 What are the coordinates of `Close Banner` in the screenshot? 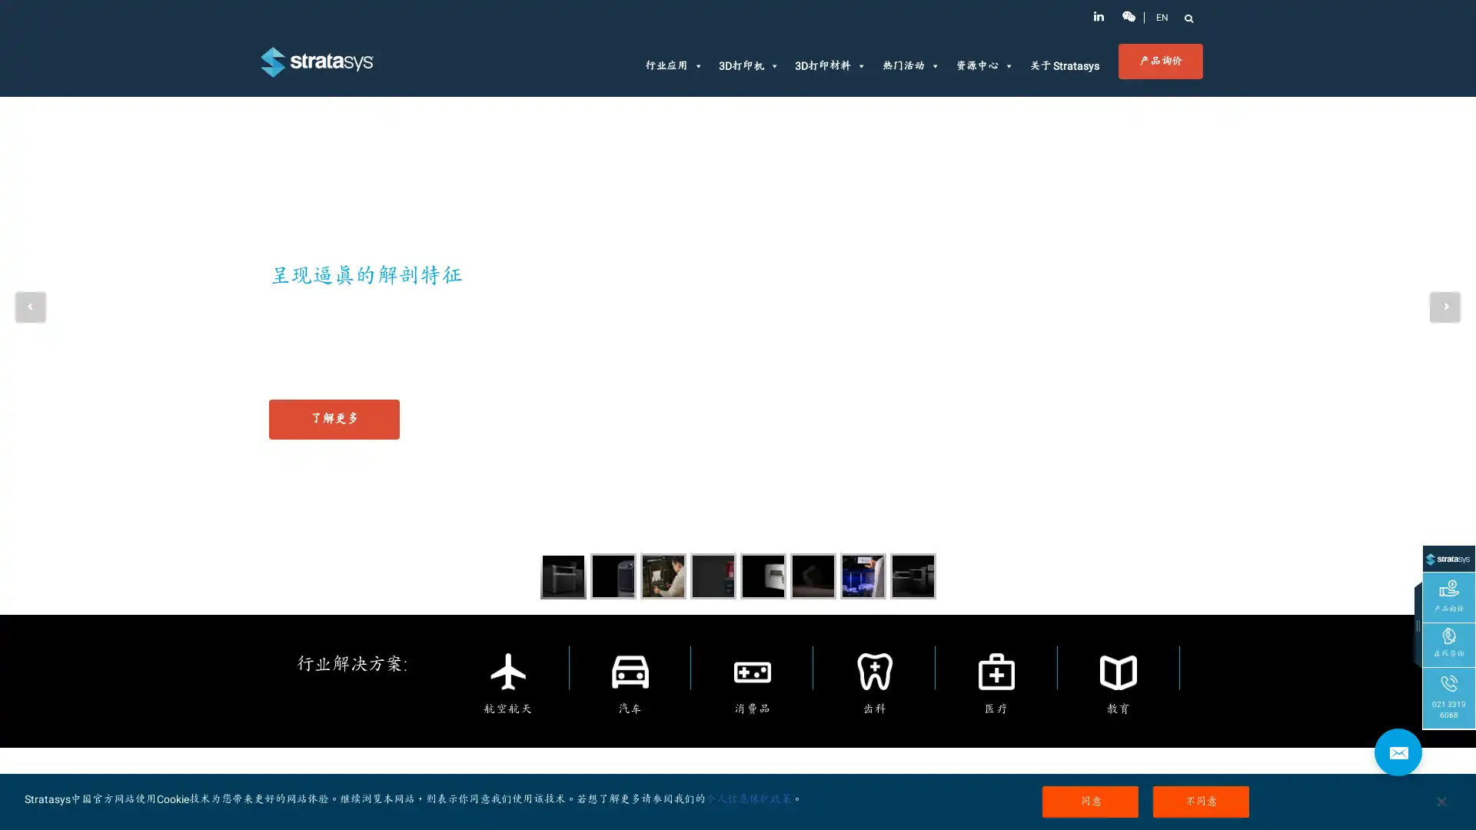 It's located at (1440, 800).